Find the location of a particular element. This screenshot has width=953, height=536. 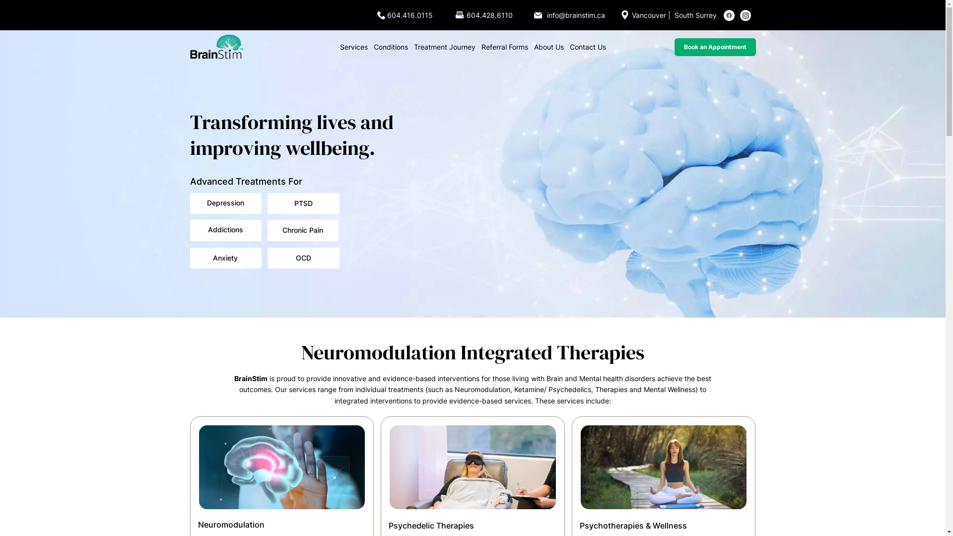

'Treatment Journey' is located at coordinates (444, 47).